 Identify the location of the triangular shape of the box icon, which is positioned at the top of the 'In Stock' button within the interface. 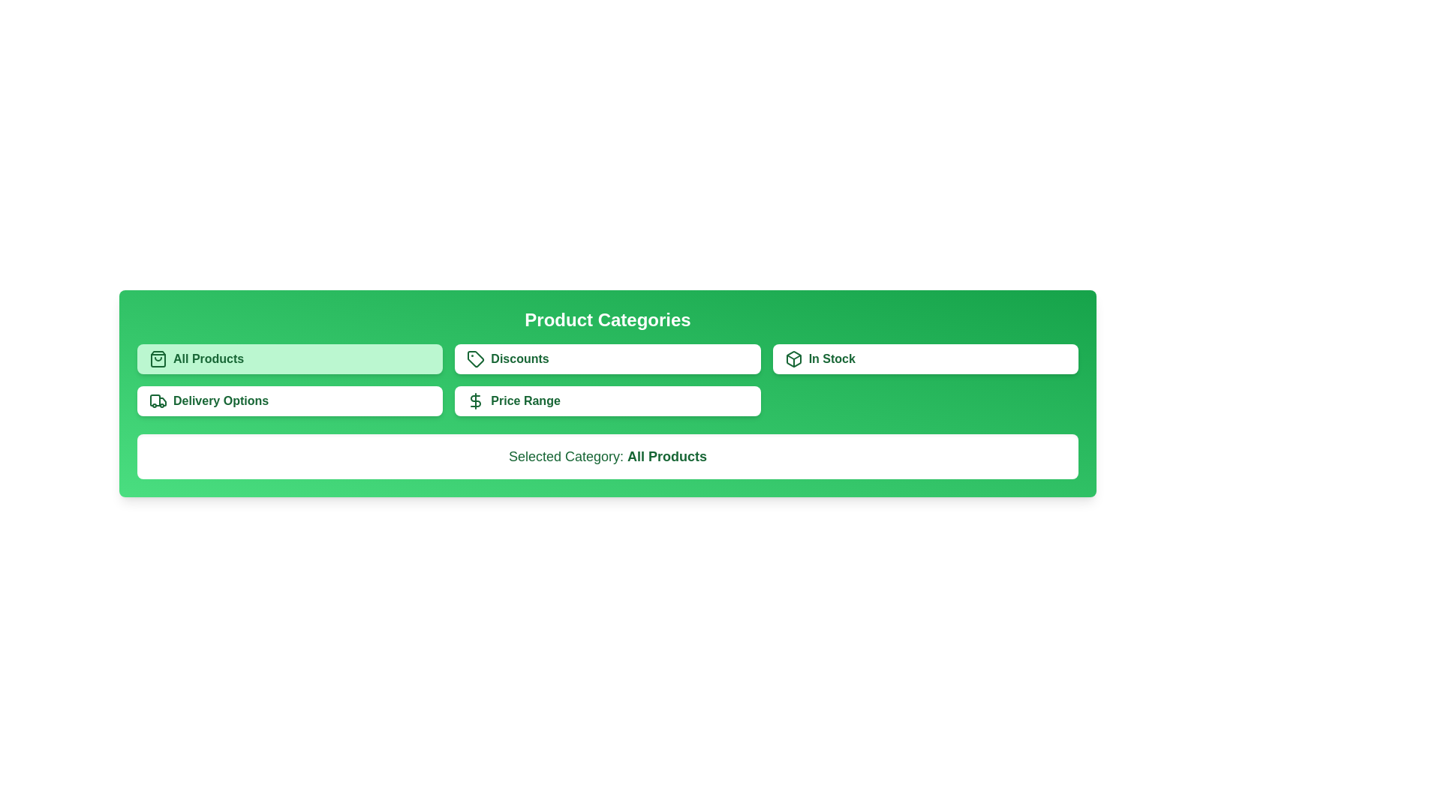
(793, 357).